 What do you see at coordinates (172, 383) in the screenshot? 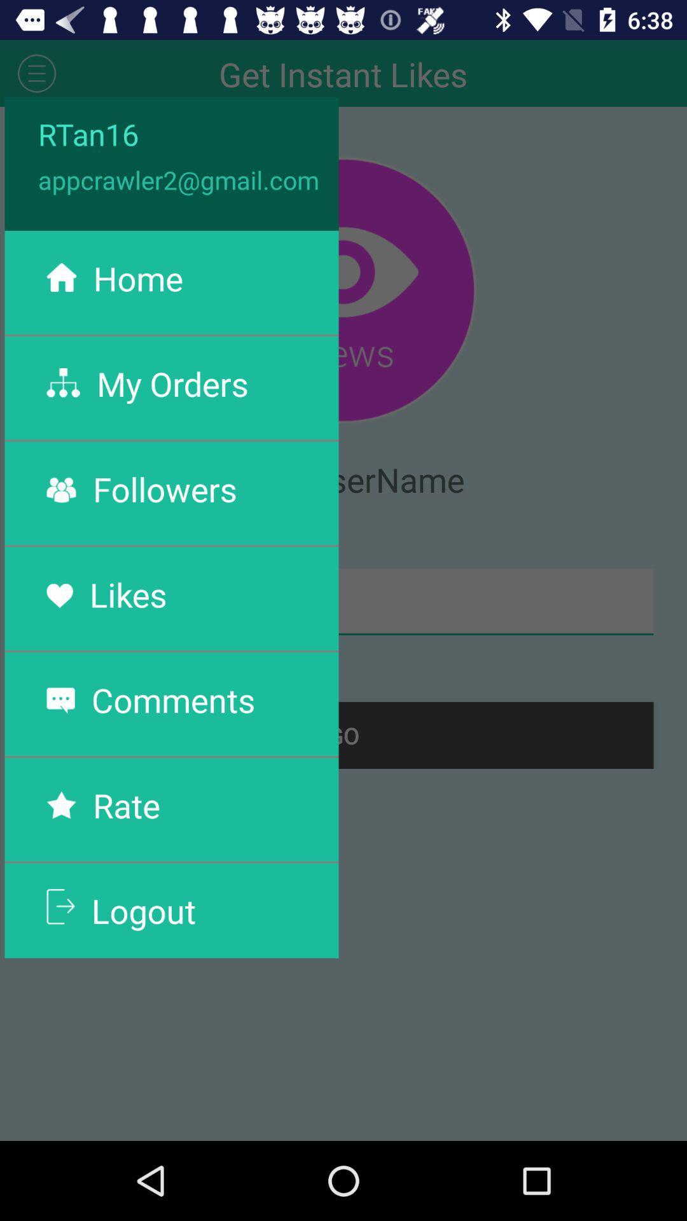
I see `my orders icon` at bounding box center [172, 383].